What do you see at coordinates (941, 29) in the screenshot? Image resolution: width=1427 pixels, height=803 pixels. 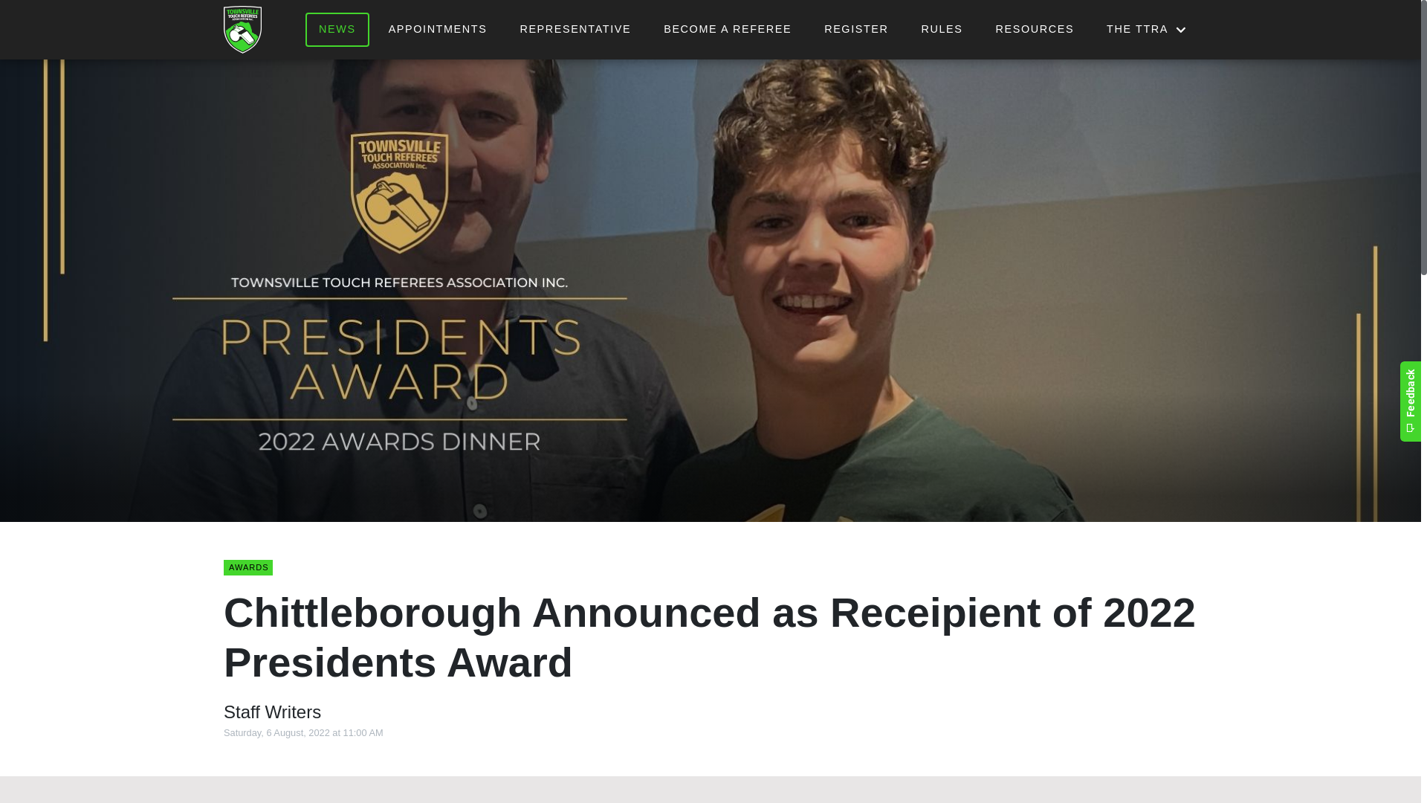 I see `'RULES'` at bounding box center [941, 29].